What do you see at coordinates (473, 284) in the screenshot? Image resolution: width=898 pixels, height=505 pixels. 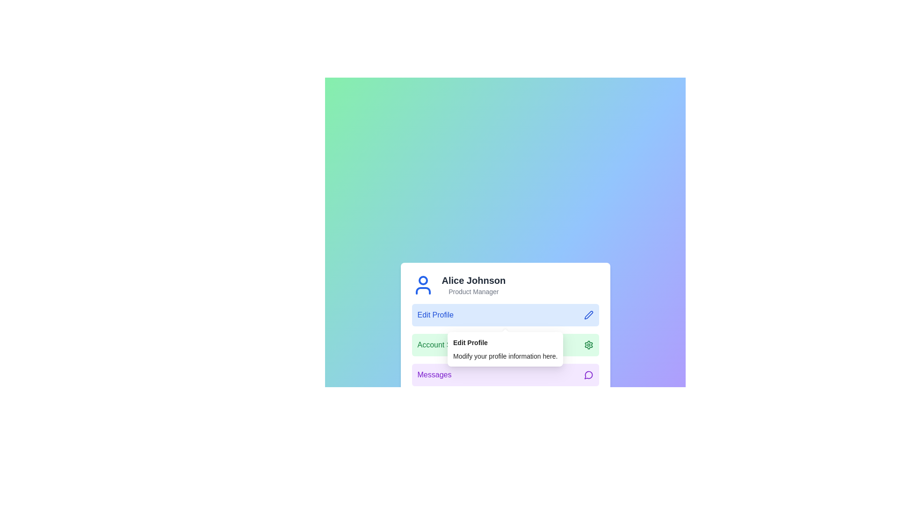 I see `the static text component displaying user-specific information, which is located in the upper section of a card-like UI next to the user profile icon` at bounding box center [473, 284].